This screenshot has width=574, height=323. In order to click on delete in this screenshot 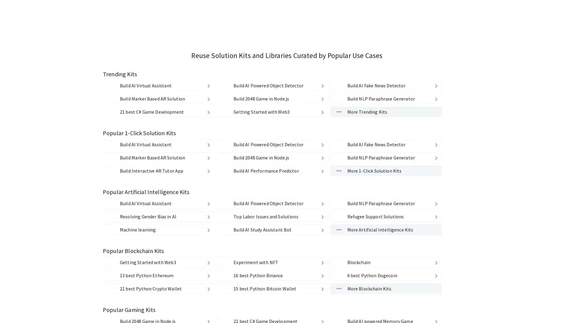, I will do `click(322, 236)`.